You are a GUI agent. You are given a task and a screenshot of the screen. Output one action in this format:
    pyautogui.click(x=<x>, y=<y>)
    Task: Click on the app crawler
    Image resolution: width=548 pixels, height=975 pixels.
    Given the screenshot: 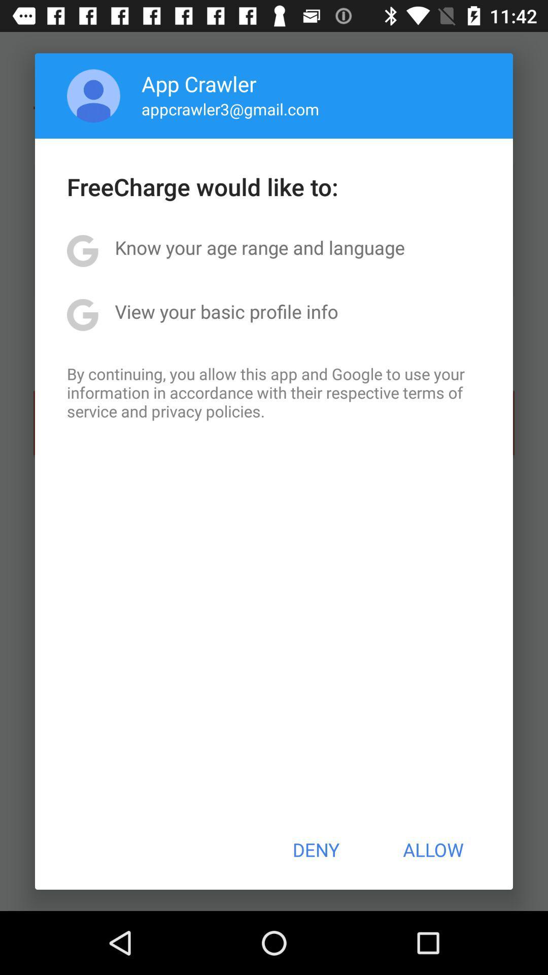 What is the action you would take?
    pyautogui.click(x=199, y=83)
    